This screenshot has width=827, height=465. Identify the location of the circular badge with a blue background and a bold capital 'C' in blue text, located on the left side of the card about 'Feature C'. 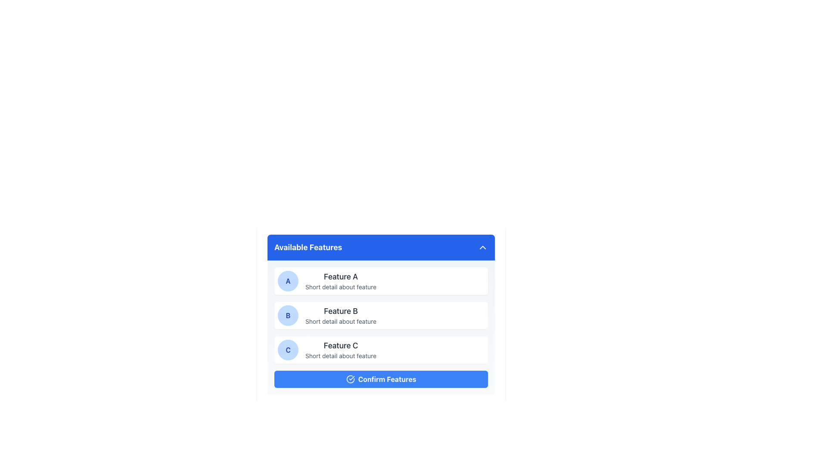
(288, 350).